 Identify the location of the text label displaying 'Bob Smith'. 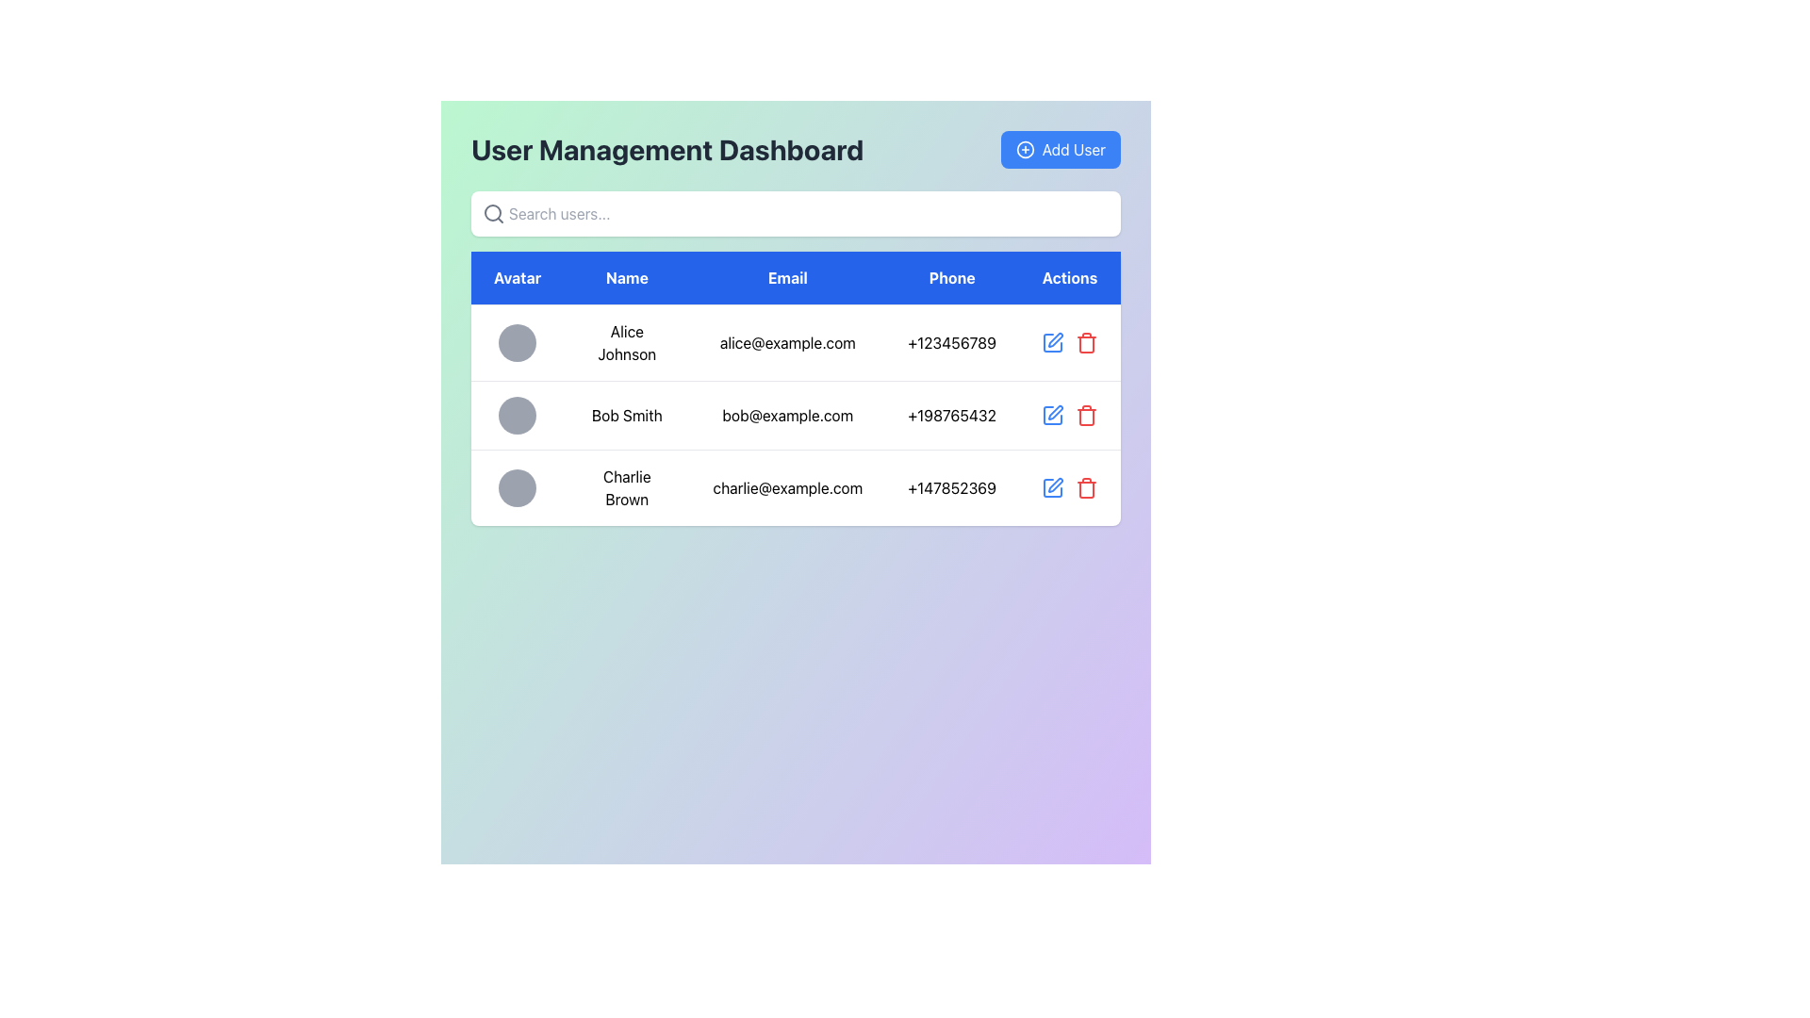
(627, 414).